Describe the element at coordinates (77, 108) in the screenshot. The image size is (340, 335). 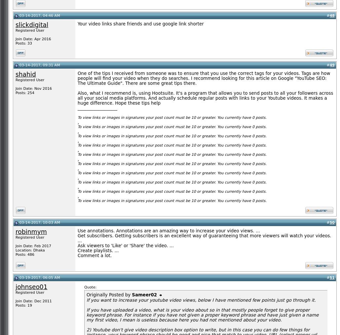
I see `'__________________'` at that location.